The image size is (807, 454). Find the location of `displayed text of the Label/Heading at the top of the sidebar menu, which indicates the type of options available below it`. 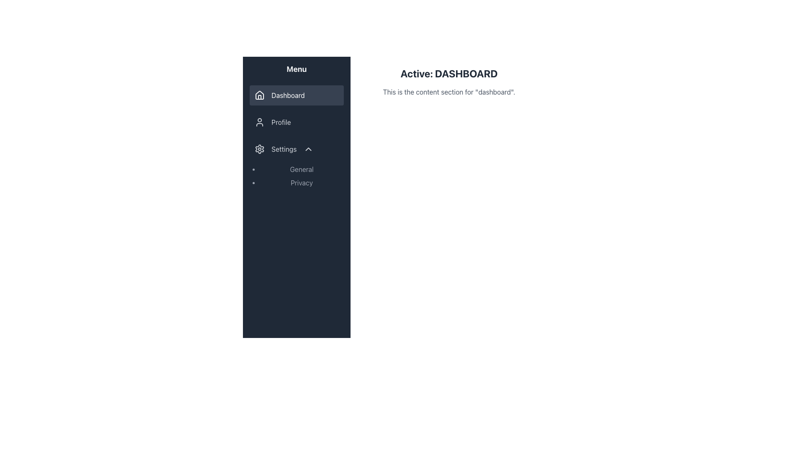

displayed text of the Label/Heading at the top of the sidebar menu, which indicates the type of options available below it is located at coordinates (296, 69).